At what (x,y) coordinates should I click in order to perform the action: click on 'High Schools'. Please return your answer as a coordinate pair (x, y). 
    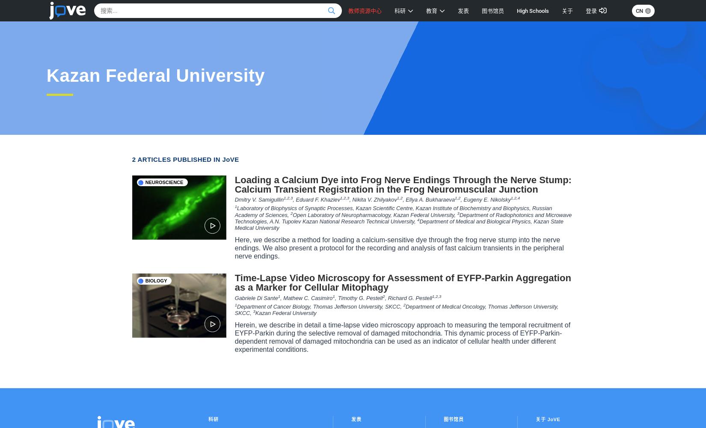
    Looking at the image, I should click on (532, 10).